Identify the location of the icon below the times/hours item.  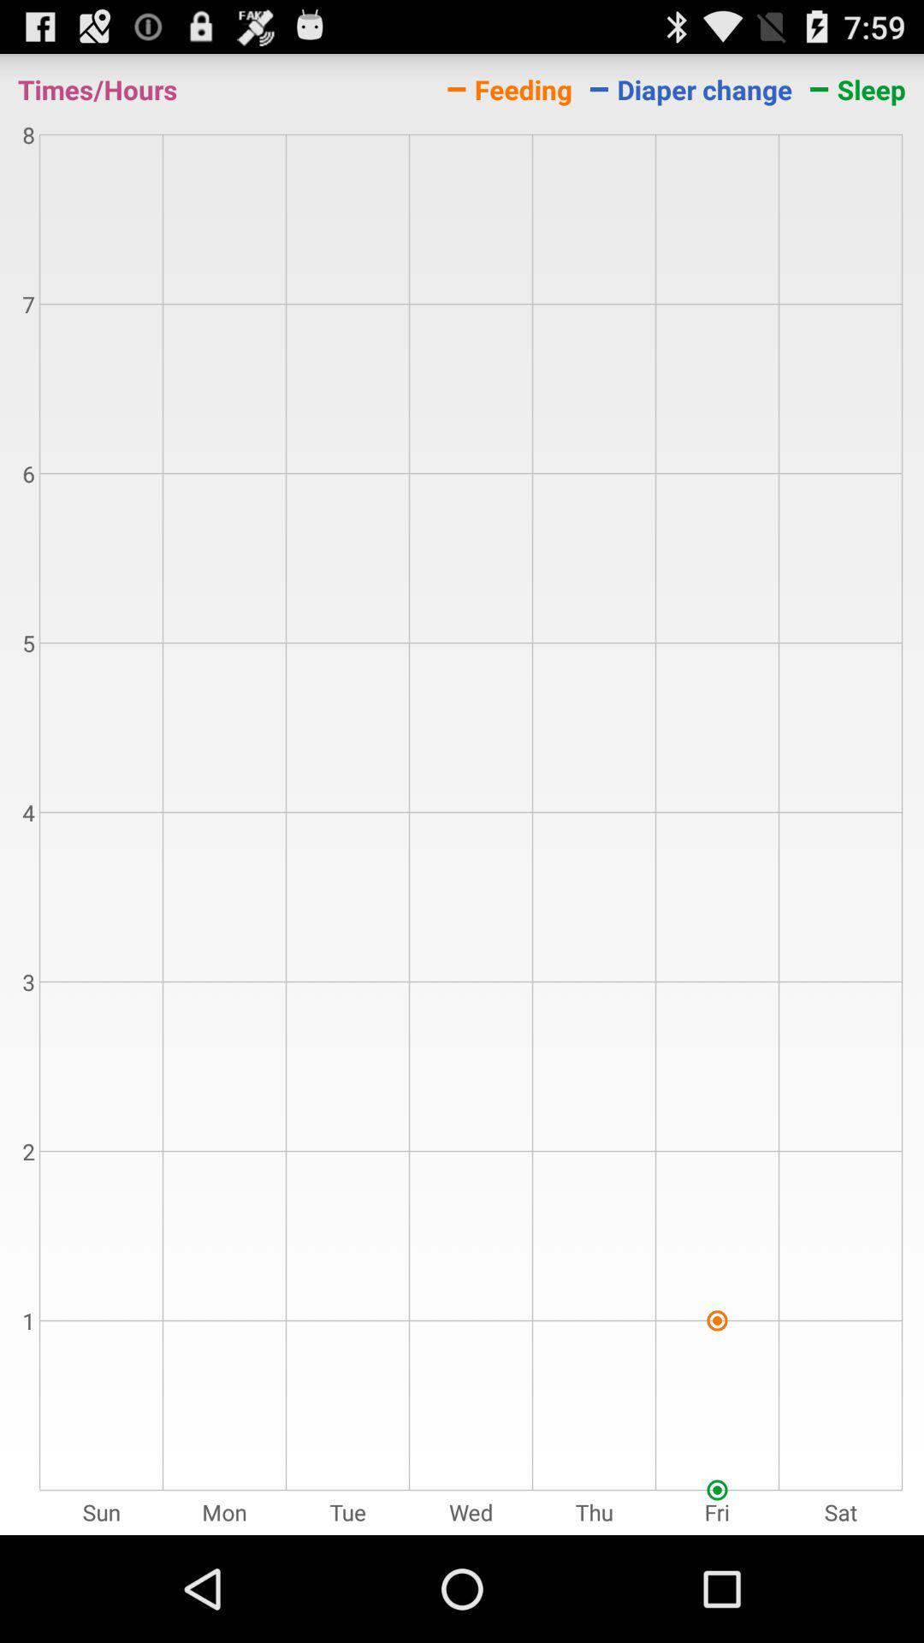
(462, 830).